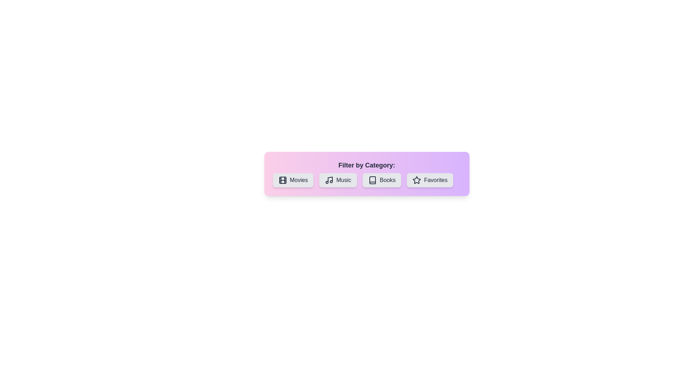 The width and height of the screenshot is (684, 384). Describe the element at coordinates (429, 180) in the screenshot. I see `the 'Favorites' button to toggle its state` at that location.